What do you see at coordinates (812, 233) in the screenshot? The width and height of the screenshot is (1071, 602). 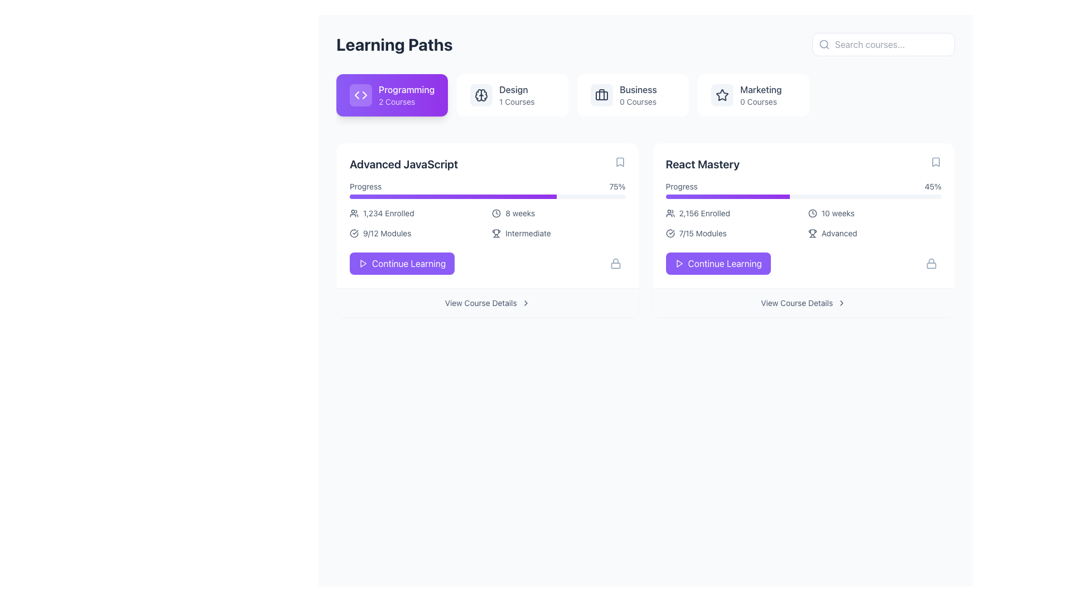 I see `the achievement icon adjacent to the 'Advanced' text in the 'React Mastery' card` at bounding box center [812, 233].